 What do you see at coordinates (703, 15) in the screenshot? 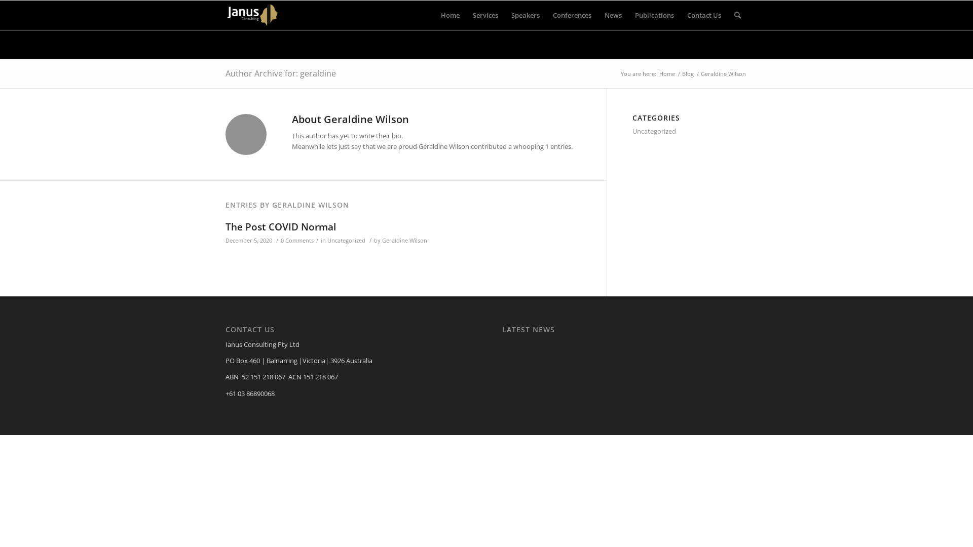
I see `'Contact Us'` at bounding box center [703, 15].